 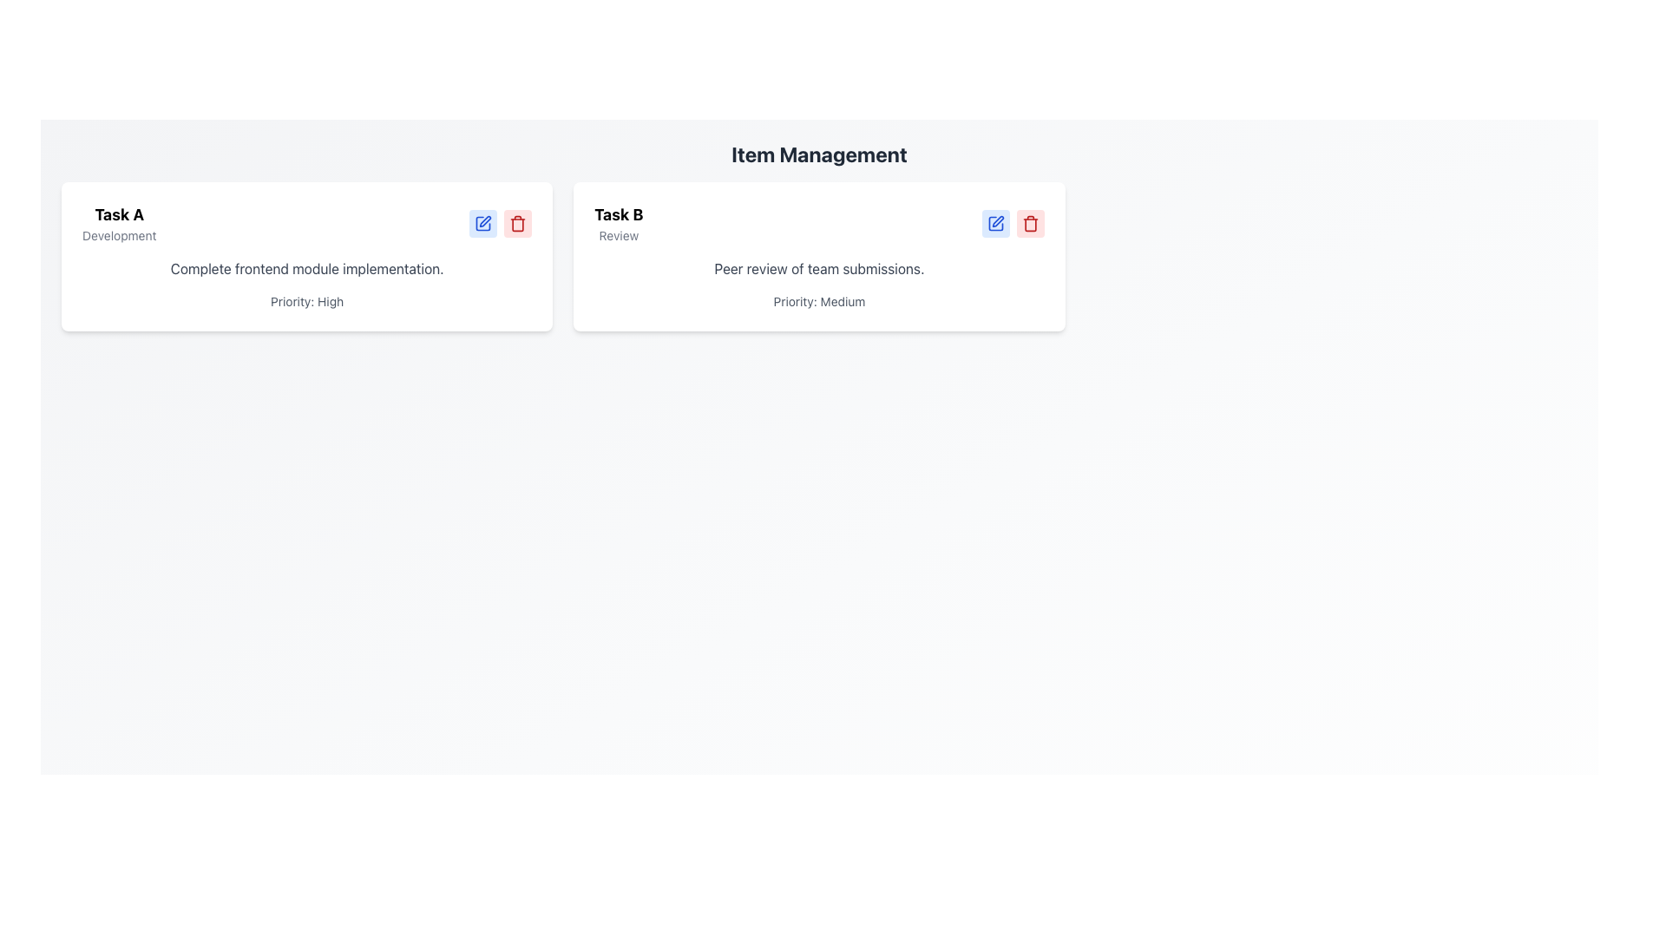 I want to click on the first task card in the grid layout, so click(x=307, y=257).